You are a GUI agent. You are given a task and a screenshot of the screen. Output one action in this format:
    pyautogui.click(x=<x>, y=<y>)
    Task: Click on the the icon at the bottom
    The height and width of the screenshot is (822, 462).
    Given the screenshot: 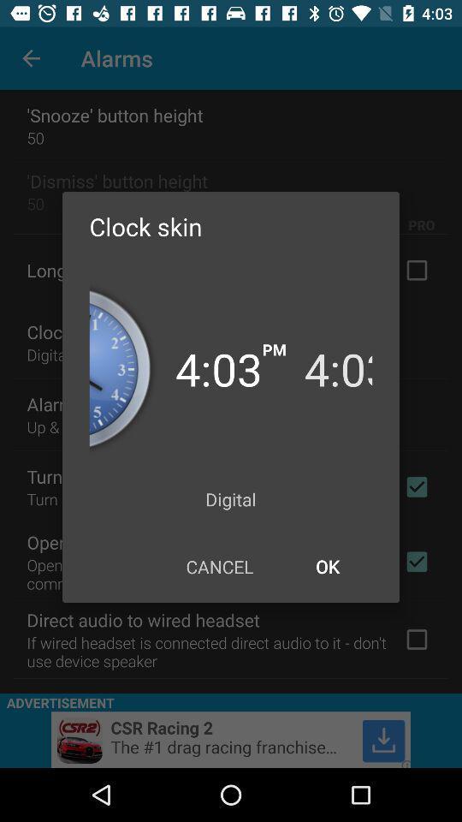 What is the action you would take?
    pyautogui.click(x=219, y=566)
    